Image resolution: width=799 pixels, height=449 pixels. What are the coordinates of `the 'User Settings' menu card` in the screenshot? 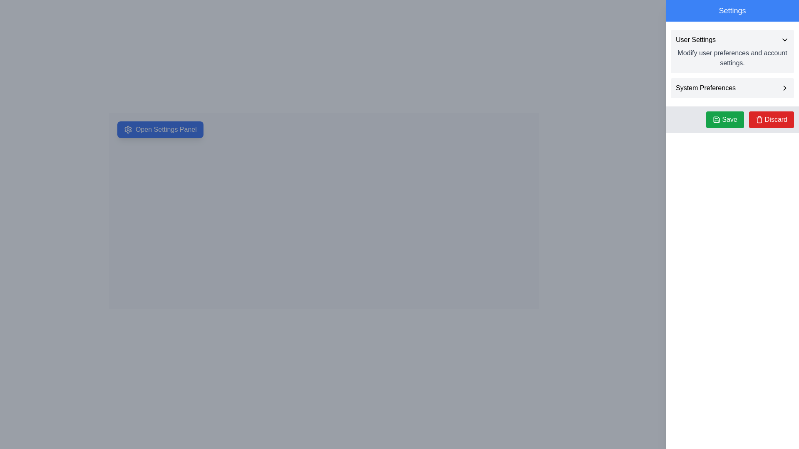 It's located at (732, 51).